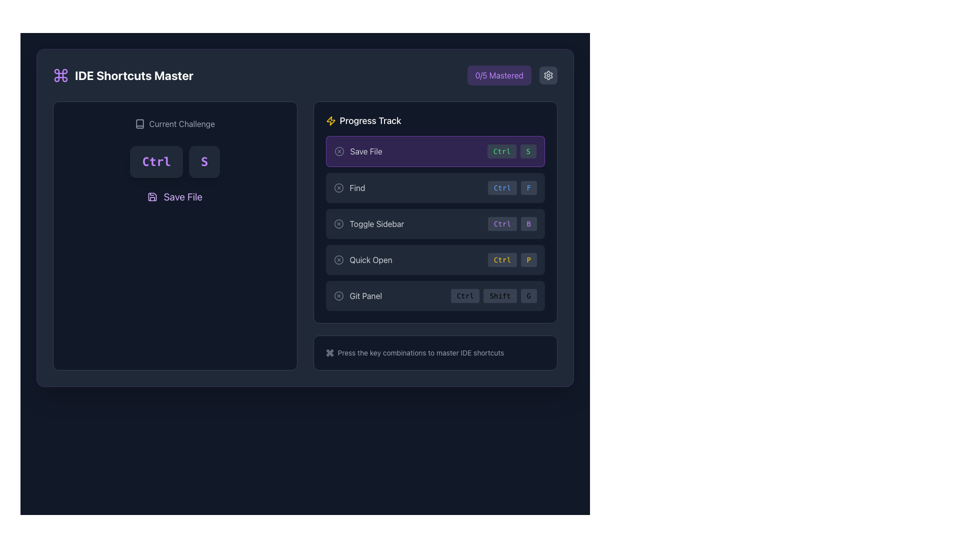 The image size is (960, 540). Describe the element at coordinates (152, 196) in the screenshot. I see `the 'Save File' icon located in the left-hand pane` at that location.